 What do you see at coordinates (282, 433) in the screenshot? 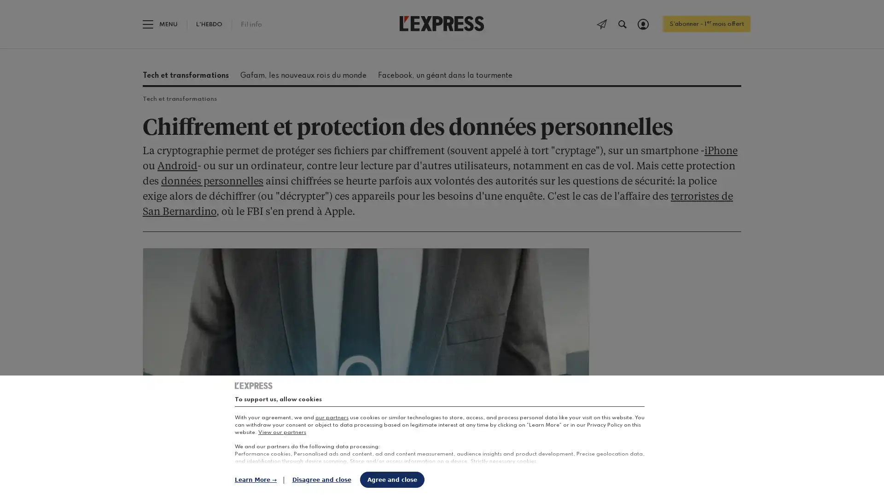
I see `View our partners` at bounding box center [282, 433].